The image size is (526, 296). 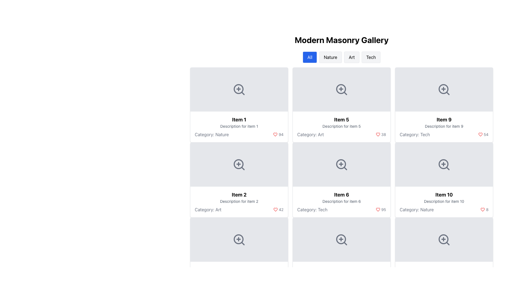 What do you see at coordinates (345, 243) in the screenshot?
I see `graphical element that forms the handle of the zoom-in magnifying glass icon, positioned diagonally within the circle` at bounding box center [345, 243].